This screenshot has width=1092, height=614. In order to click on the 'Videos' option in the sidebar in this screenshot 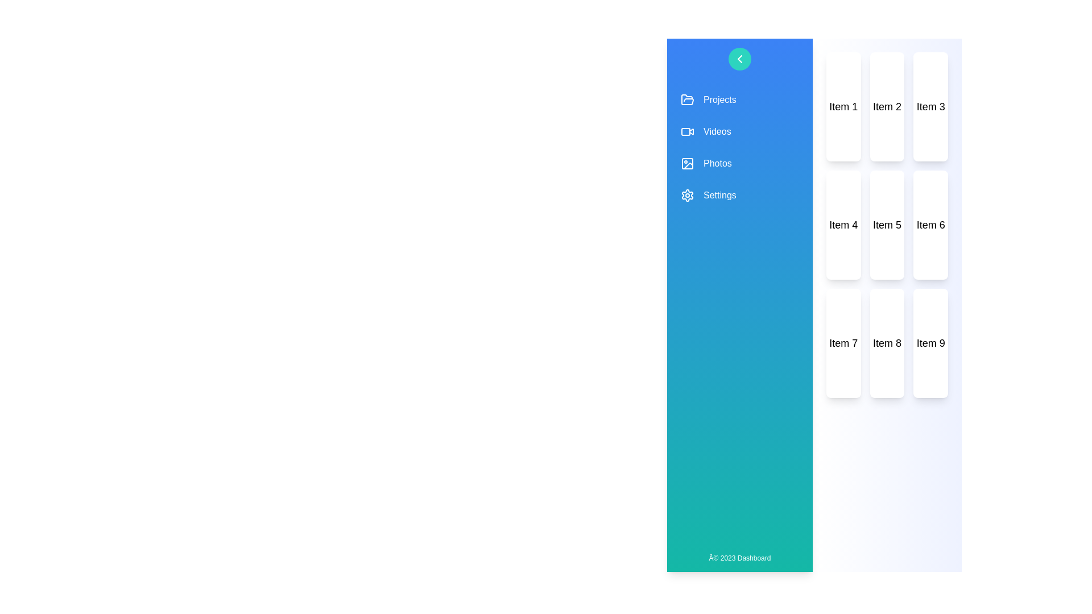, I will do `click(739, 131)`.